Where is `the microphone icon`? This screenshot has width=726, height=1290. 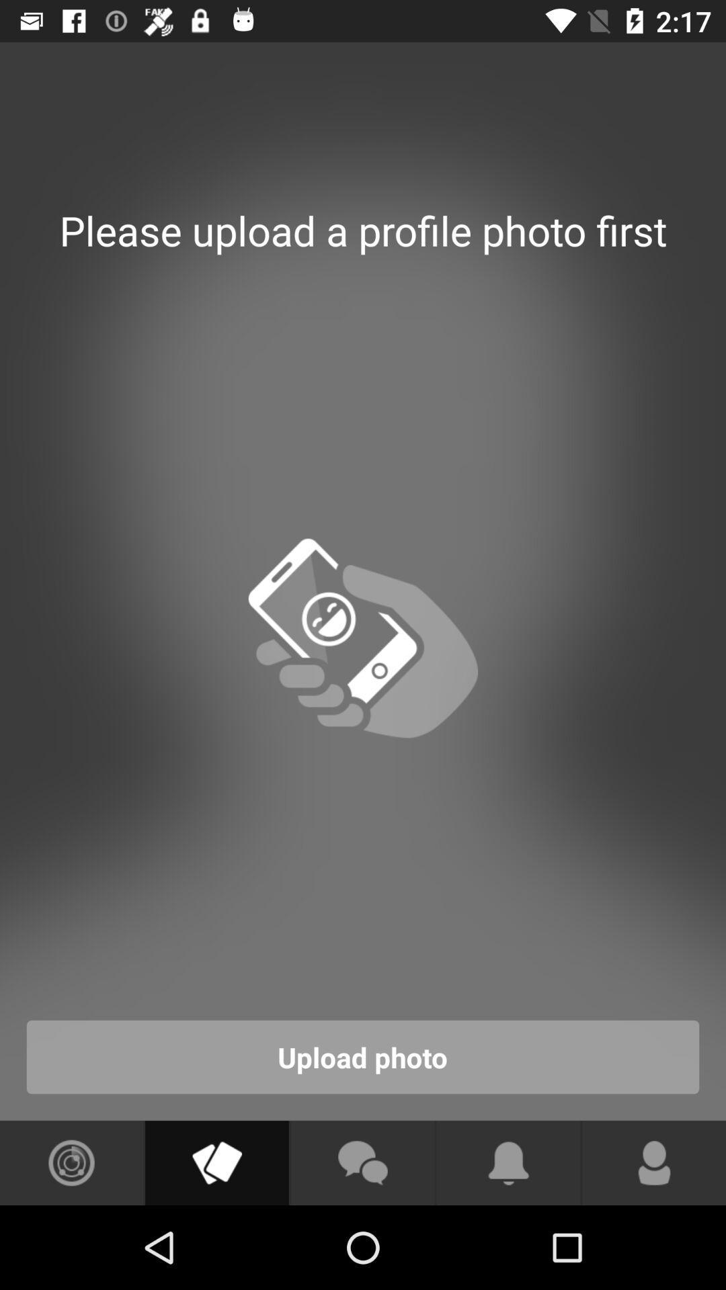
the microphone icon is located at coordinates (653, 1162).